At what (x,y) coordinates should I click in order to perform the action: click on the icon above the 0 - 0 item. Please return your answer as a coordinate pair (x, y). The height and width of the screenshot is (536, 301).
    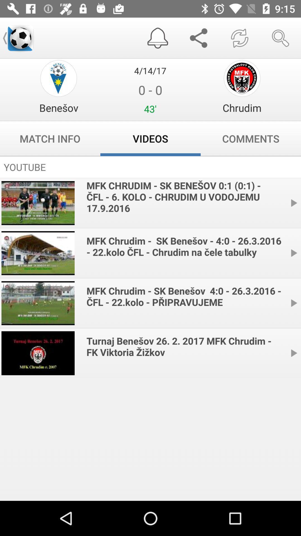
    Looking at the image, I should click on (150, 70).